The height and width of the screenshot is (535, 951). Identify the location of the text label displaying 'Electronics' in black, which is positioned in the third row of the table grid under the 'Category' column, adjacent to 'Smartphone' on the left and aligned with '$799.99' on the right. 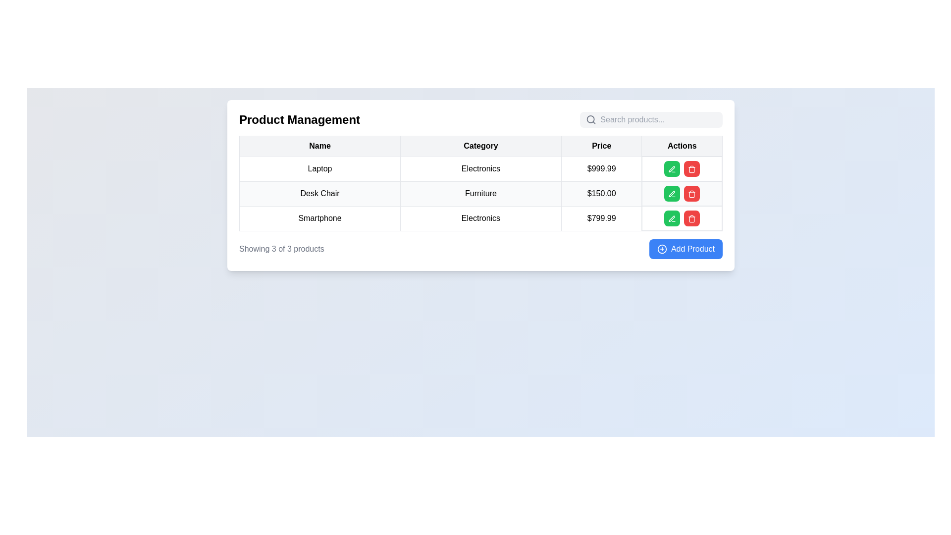
(480, 218).